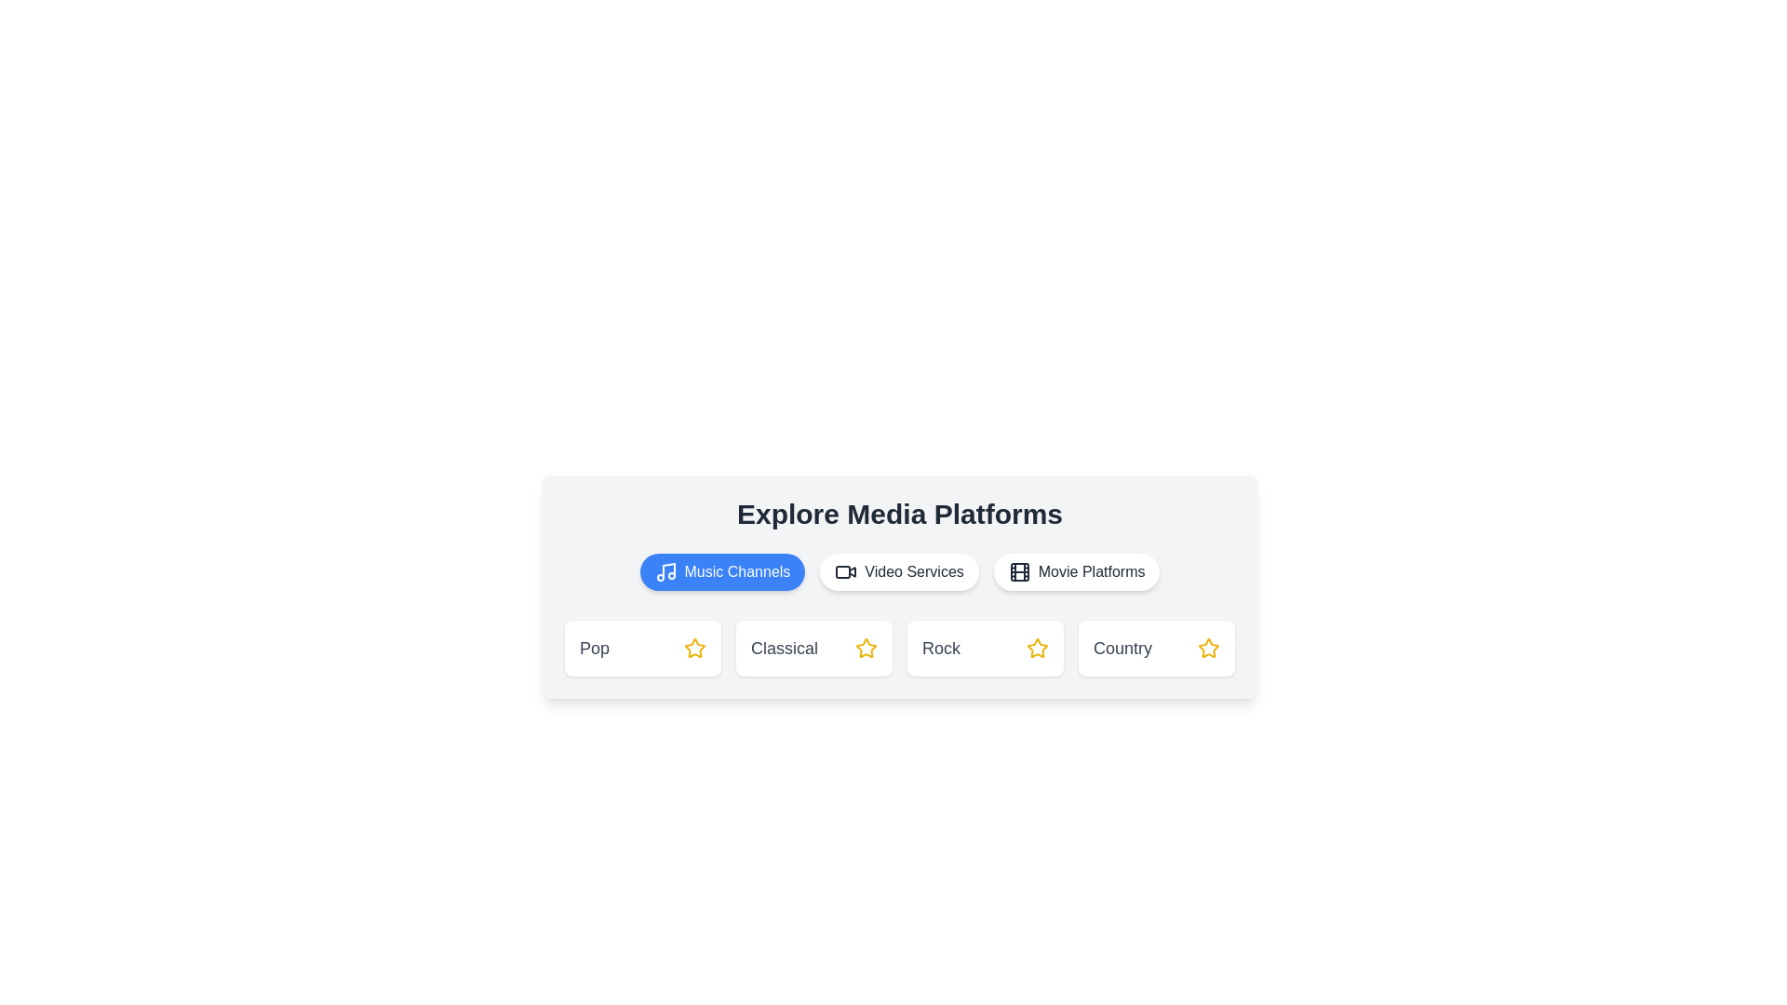 The height and width of the screenshot is (1005, 1787). What do you see at coordinates (1036, 647) in the screenshot?
I see `the third star icon in the rating group for the 'Rock' category` at bounding box center [1036, 647].